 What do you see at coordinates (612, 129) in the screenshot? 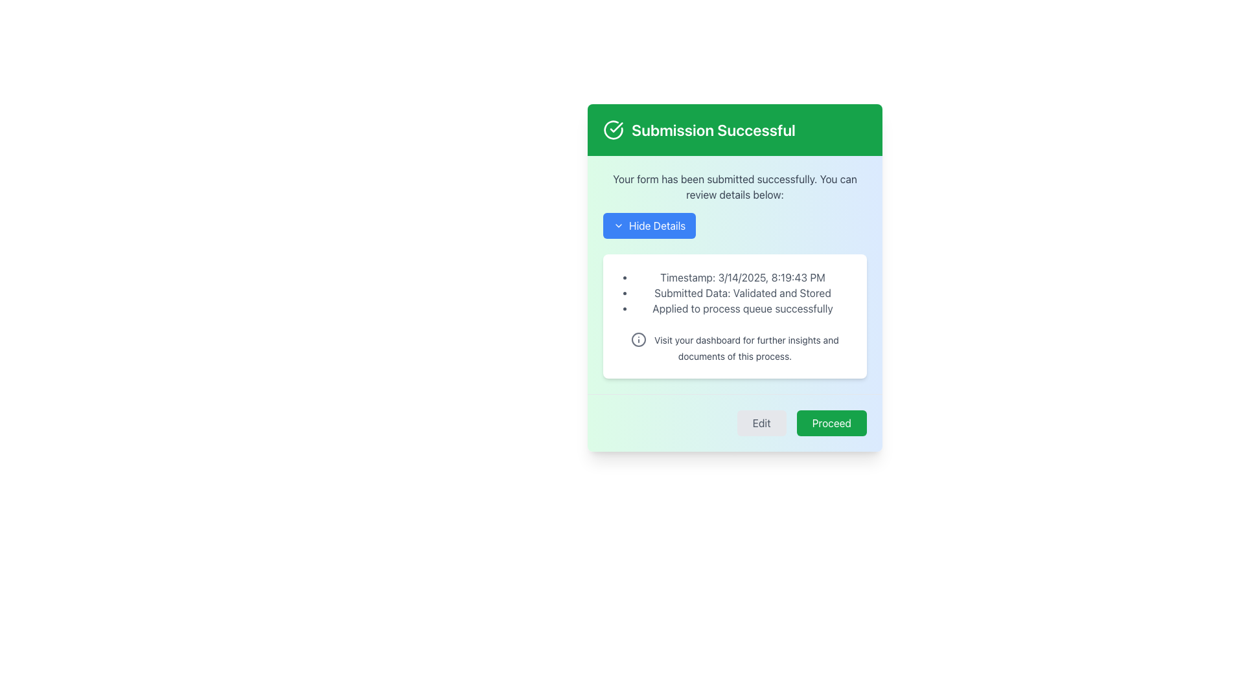
I see `the visual indicator icon located to the left of the 'Submission Successful' text in the green header section of the dialog box` at bounding box center [612, 129].